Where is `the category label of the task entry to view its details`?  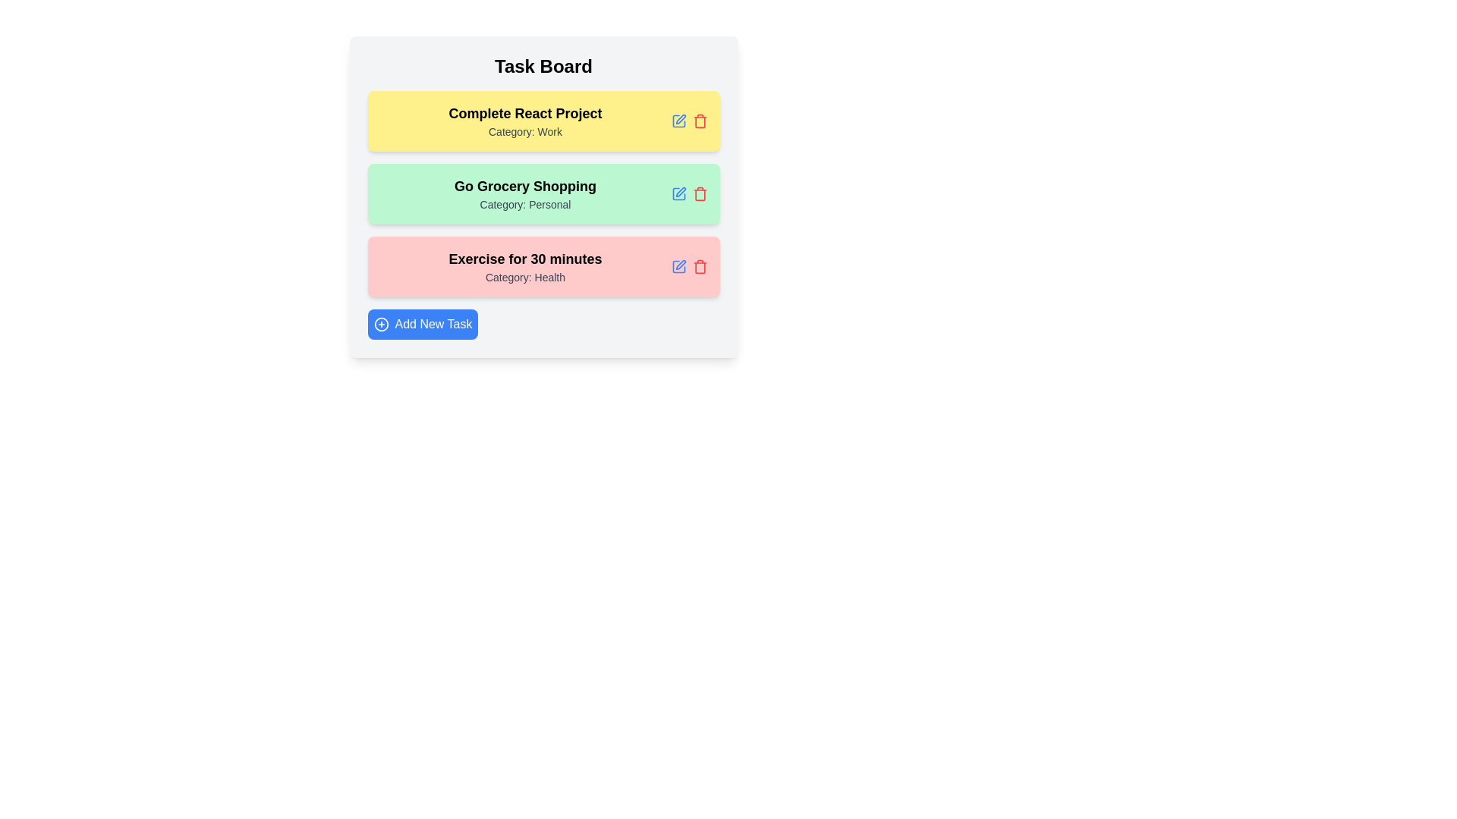
the category label of the task entry to view its details is located at coordinates (525, 130).